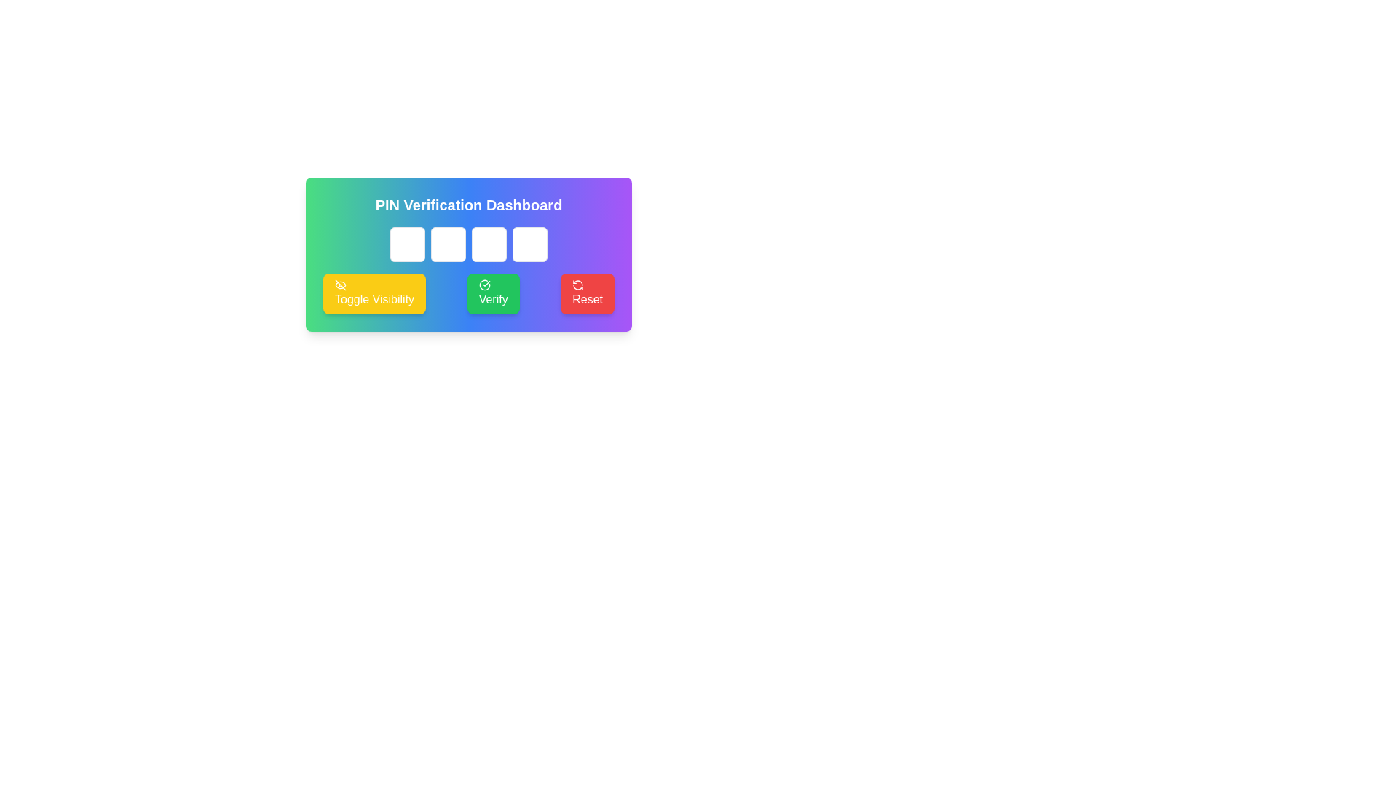  I want to click on the icon within the green 'Verify' button, which is centrally positioned and indicates the function of verification or confirmation, so click(484, 285).